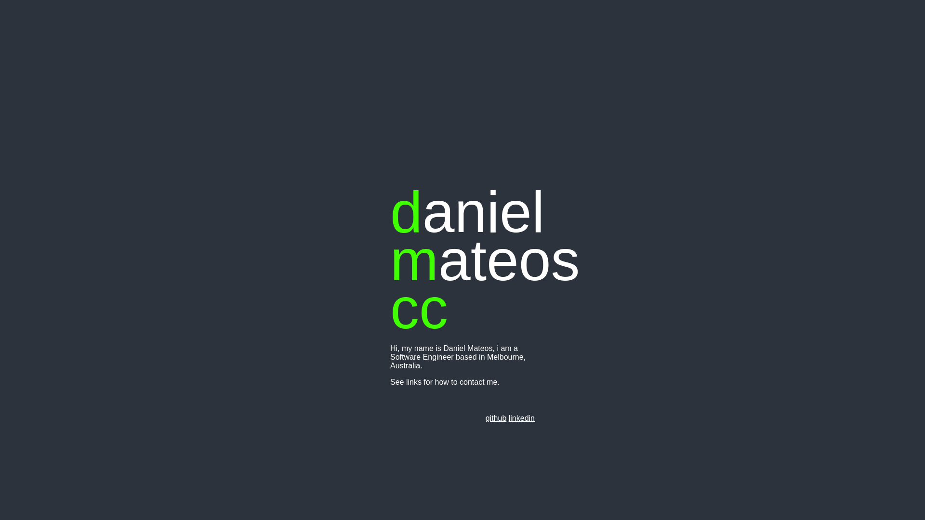 This screenshot has height=520, width=925. What do you see at coordinates (521, 417) in the screenshot?
I see `'linkedin'` at bounding box center [521, 417].